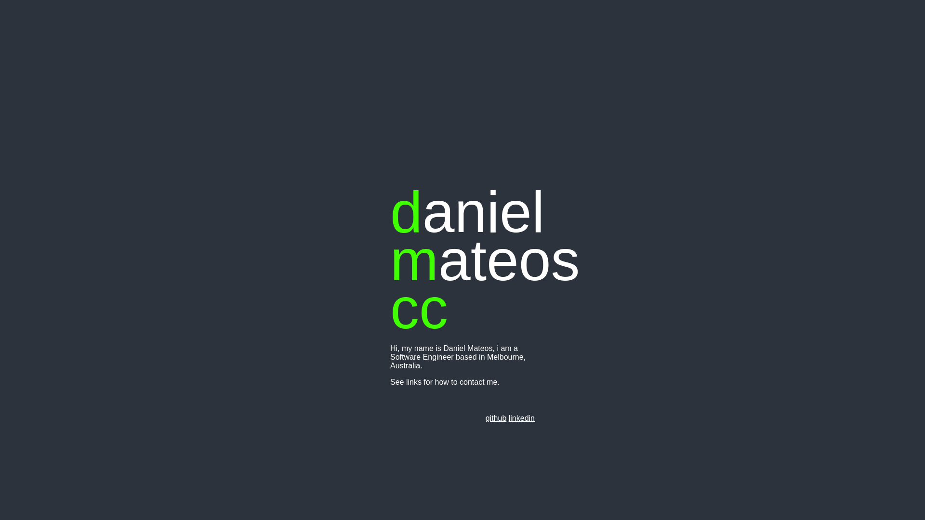 This screenshot has height=520, width=925. What do you see at coordinates (521, 417) in the screenshot?
I see `'linkedin'` at bounding box center [521, 417].